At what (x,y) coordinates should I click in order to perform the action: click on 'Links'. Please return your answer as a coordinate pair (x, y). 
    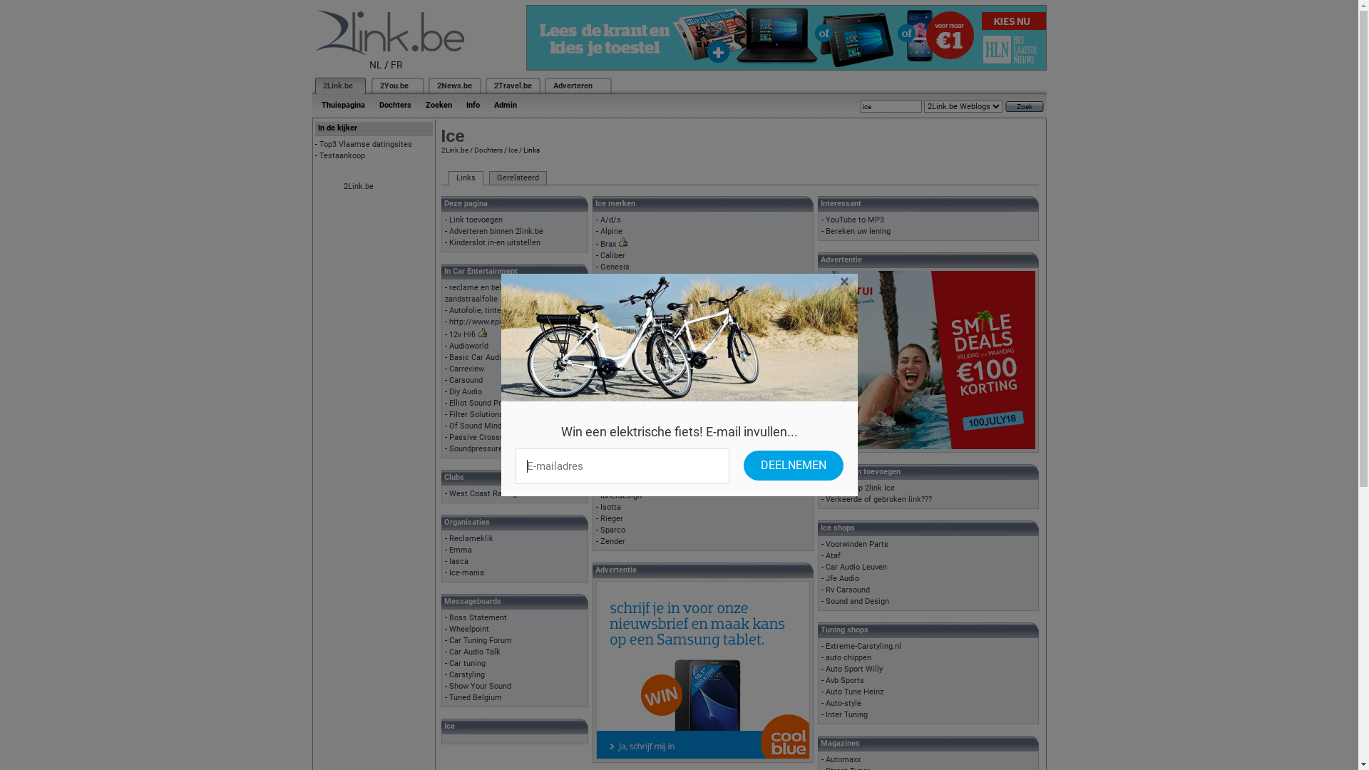
    Looking at the image, I should click on (447, 178).